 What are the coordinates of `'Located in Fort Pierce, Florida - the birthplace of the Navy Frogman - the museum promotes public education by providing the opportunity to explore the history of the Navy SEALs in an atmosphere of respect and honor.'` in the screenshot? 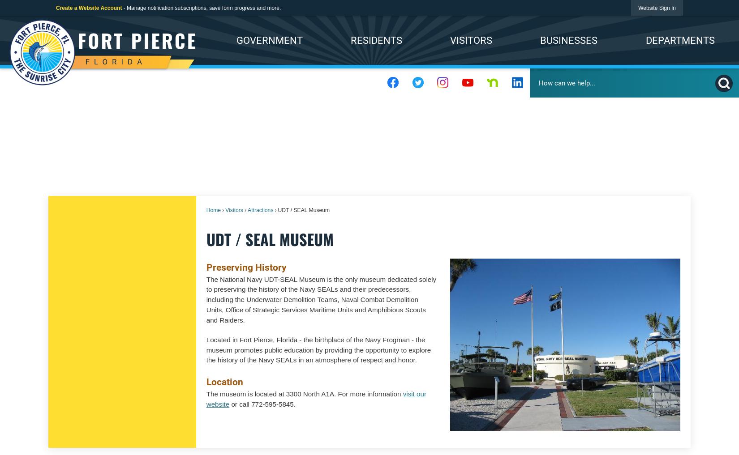 It's located at (318, 349).